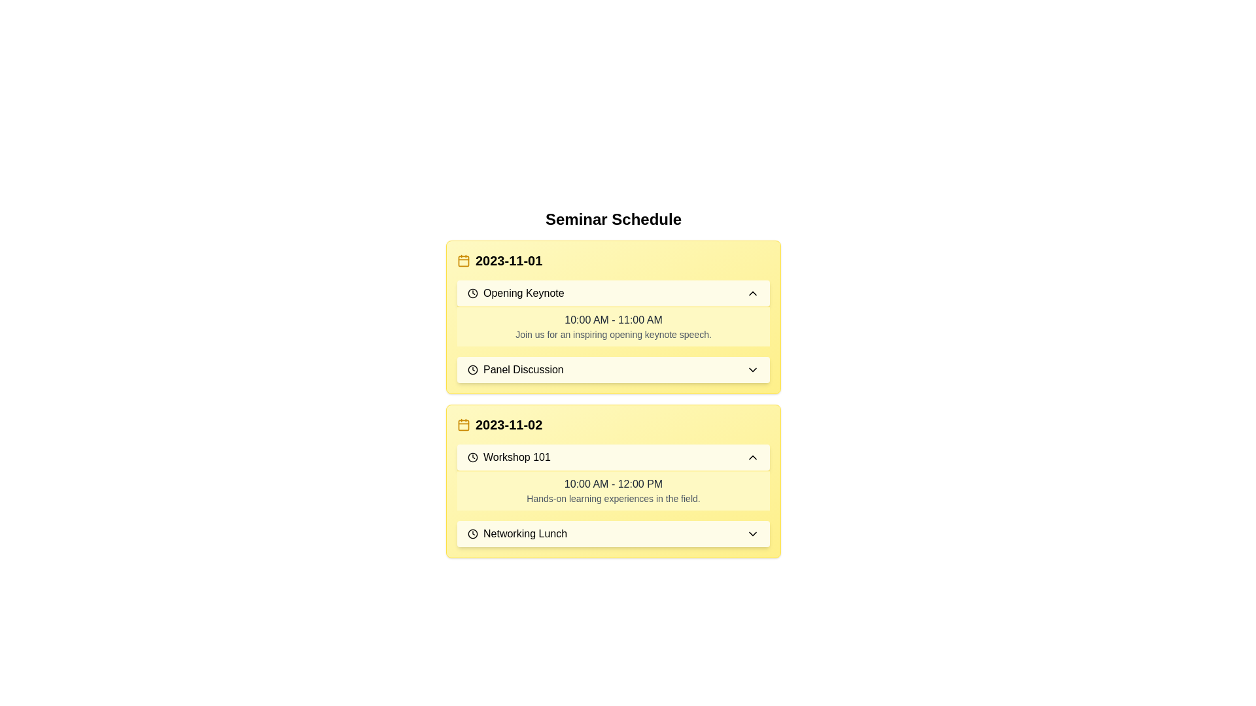 This screenshot has width=1256, height=706. What do you see at coordinates (508, 456) in the screenshot?
I see `the text label 'Workshop 101' with the adjacent clock icon in the event schedule for the date '2023-11-02'` at bounding box center [508, 456].